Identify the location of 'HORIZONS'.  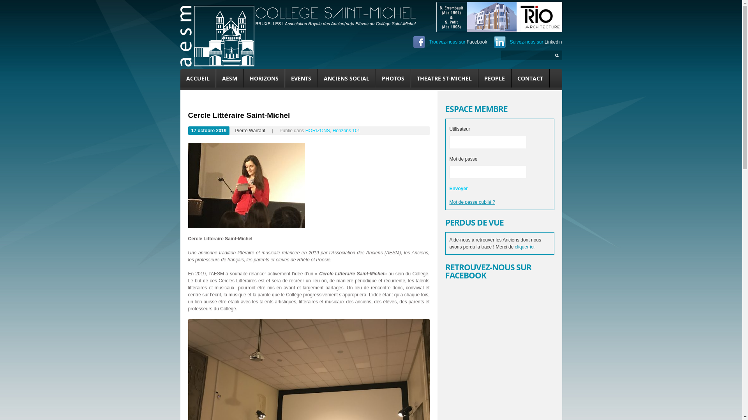
(318, 130).